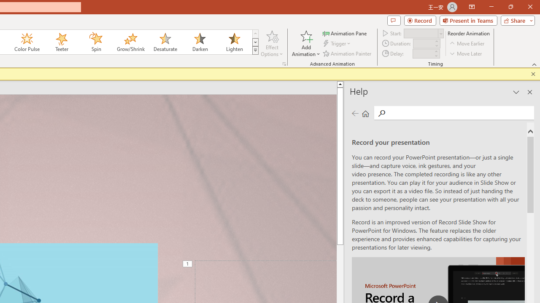 The width and height of the screenshot is (540, 303). I want to click on 'Animation Styles', so click(255, 50).